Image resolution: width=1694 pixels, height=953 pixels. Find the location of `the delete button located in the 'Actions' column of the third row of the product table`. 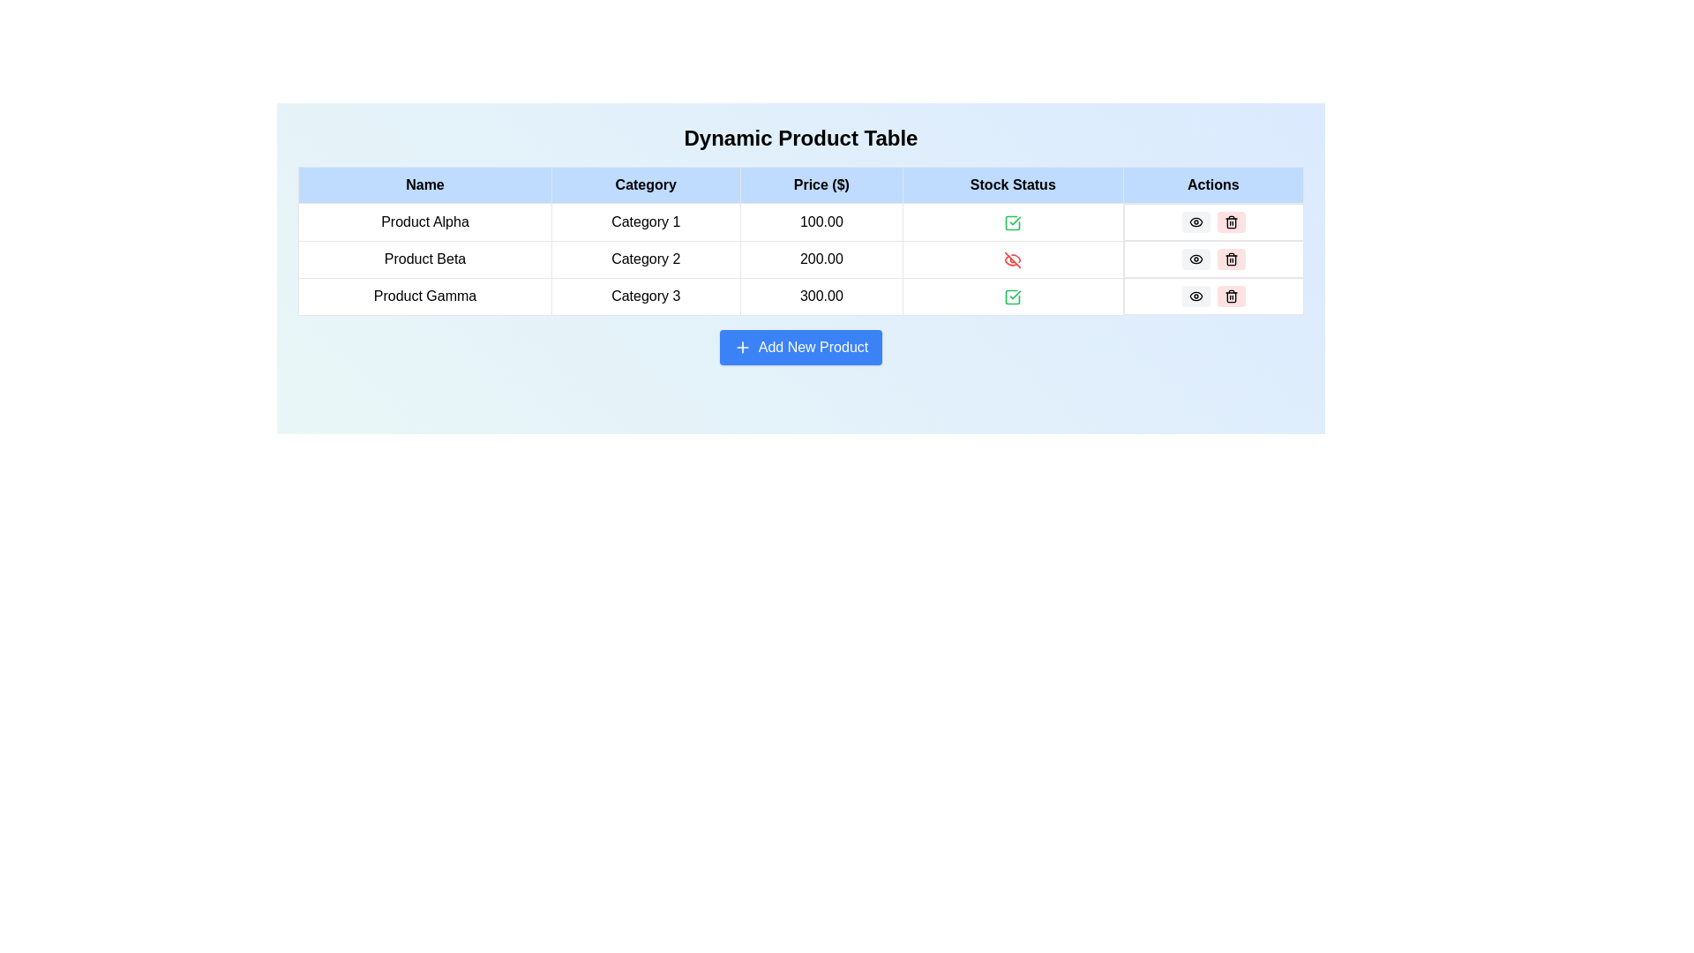

the delete button located in the 'Actions' column of the third row of the product table is located at coordinates (1230, 295).